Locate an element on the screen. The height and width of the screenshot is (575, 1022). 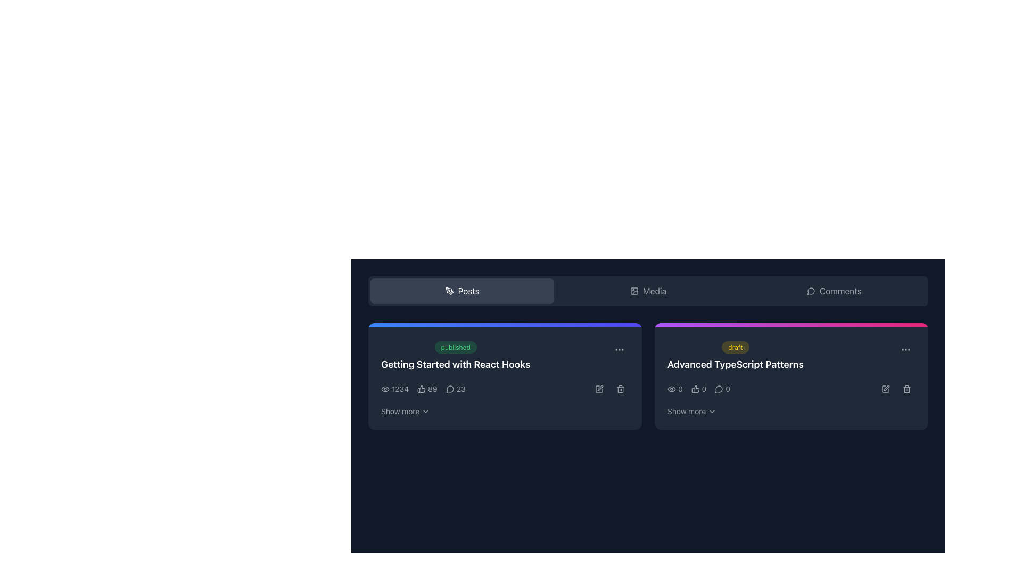
the progress bar styled with a gradient color transitioning from blue to indigo, which is positioned at the top of the card layout above the 'Getting Started with React Hooks' text is located at coordinates (505, 324).